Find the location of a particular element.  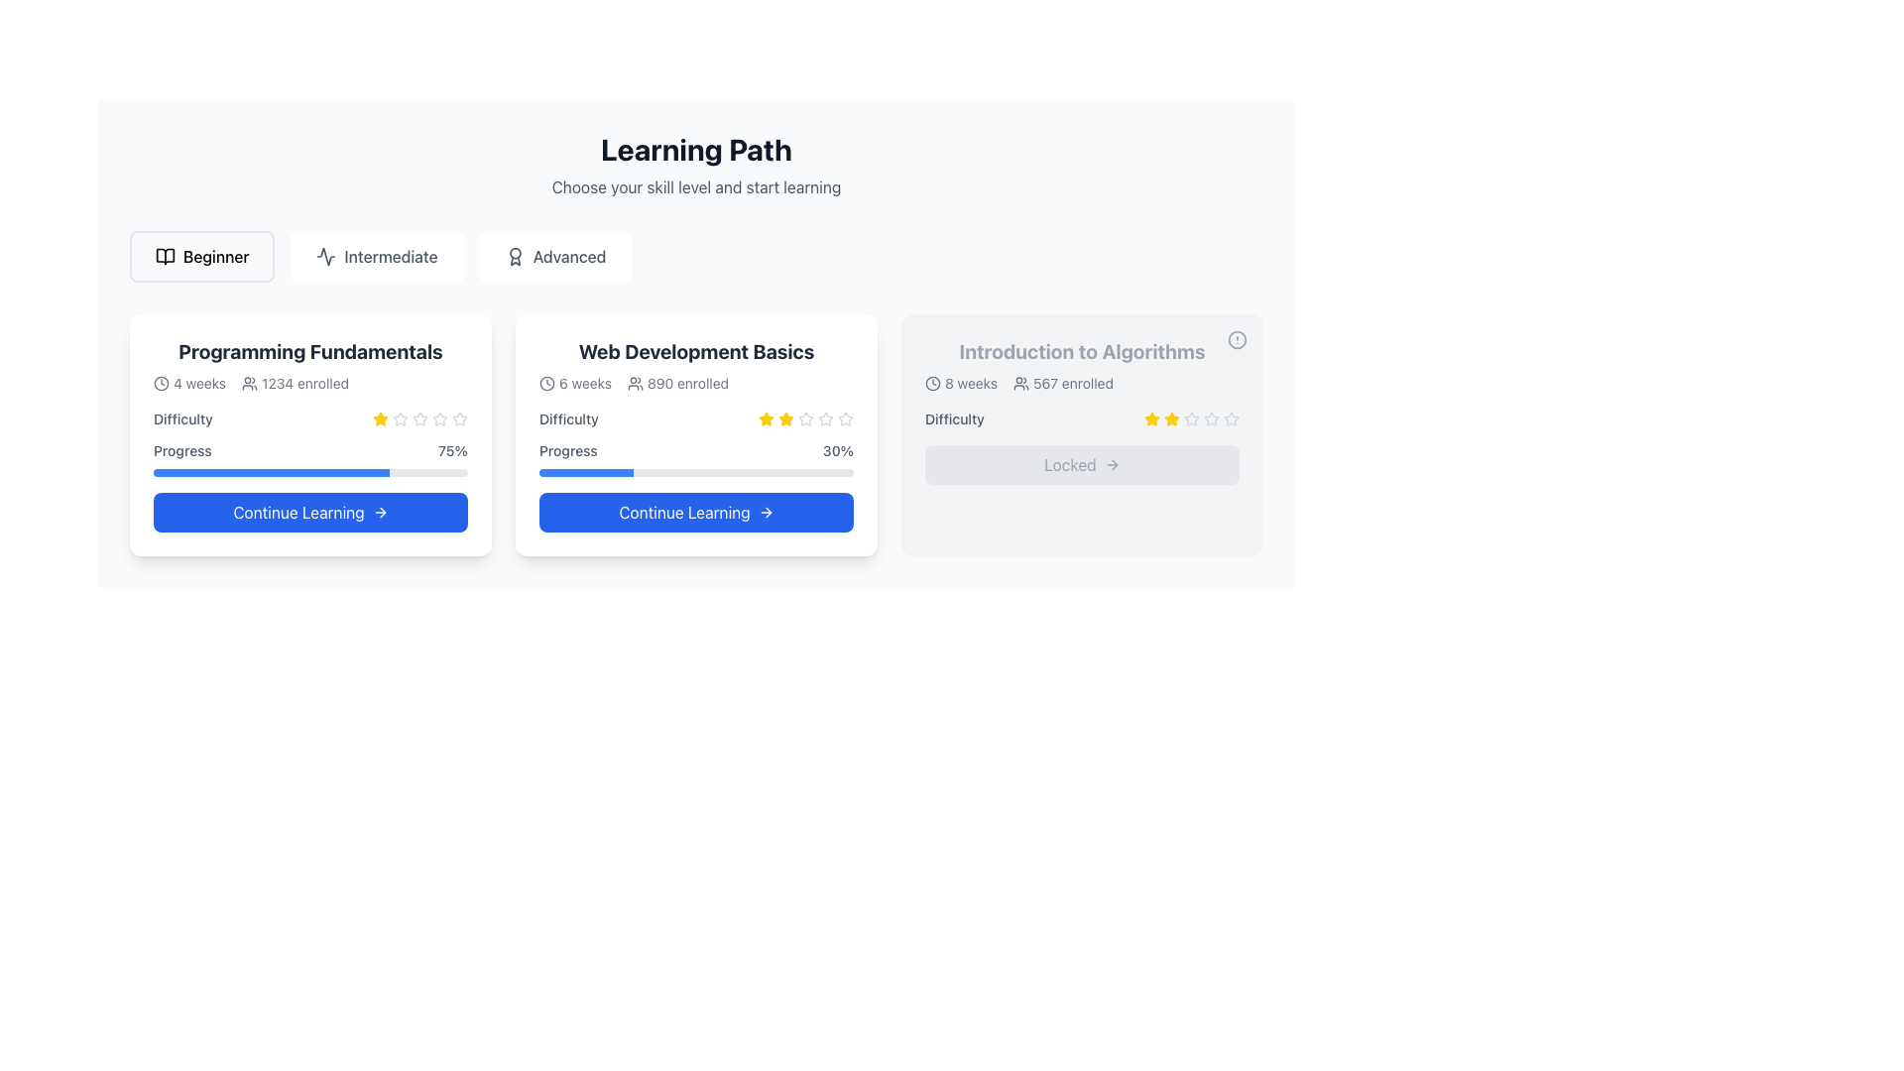

the label displaying the number of users enrolled in the course, which shows '1234' and is located to the right of the user icon within the 'Programming Fundamentals' card is located at coordinates (304, 383).